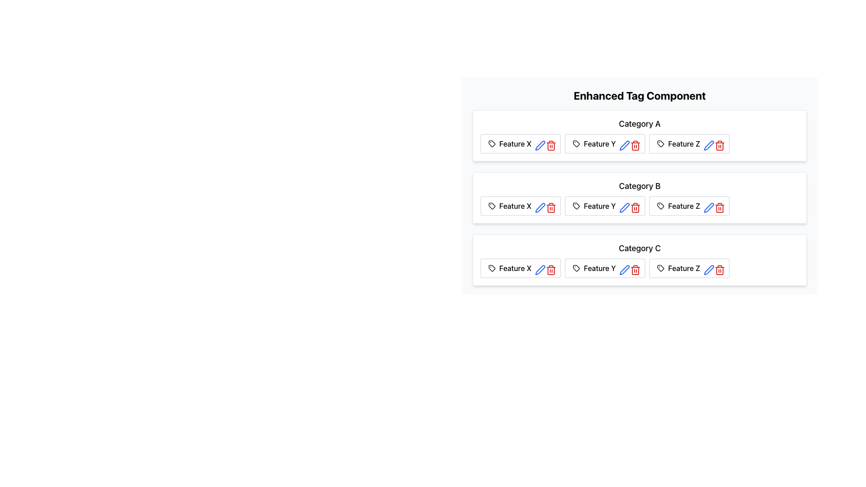  What do you see at coordinates (661, 267) in the screenshot?
I see `the tag icon located to the immediate left of the 'Feature Z' label in the 'Category C' section, which represents tagging operations` at bounding box center [661, 267].